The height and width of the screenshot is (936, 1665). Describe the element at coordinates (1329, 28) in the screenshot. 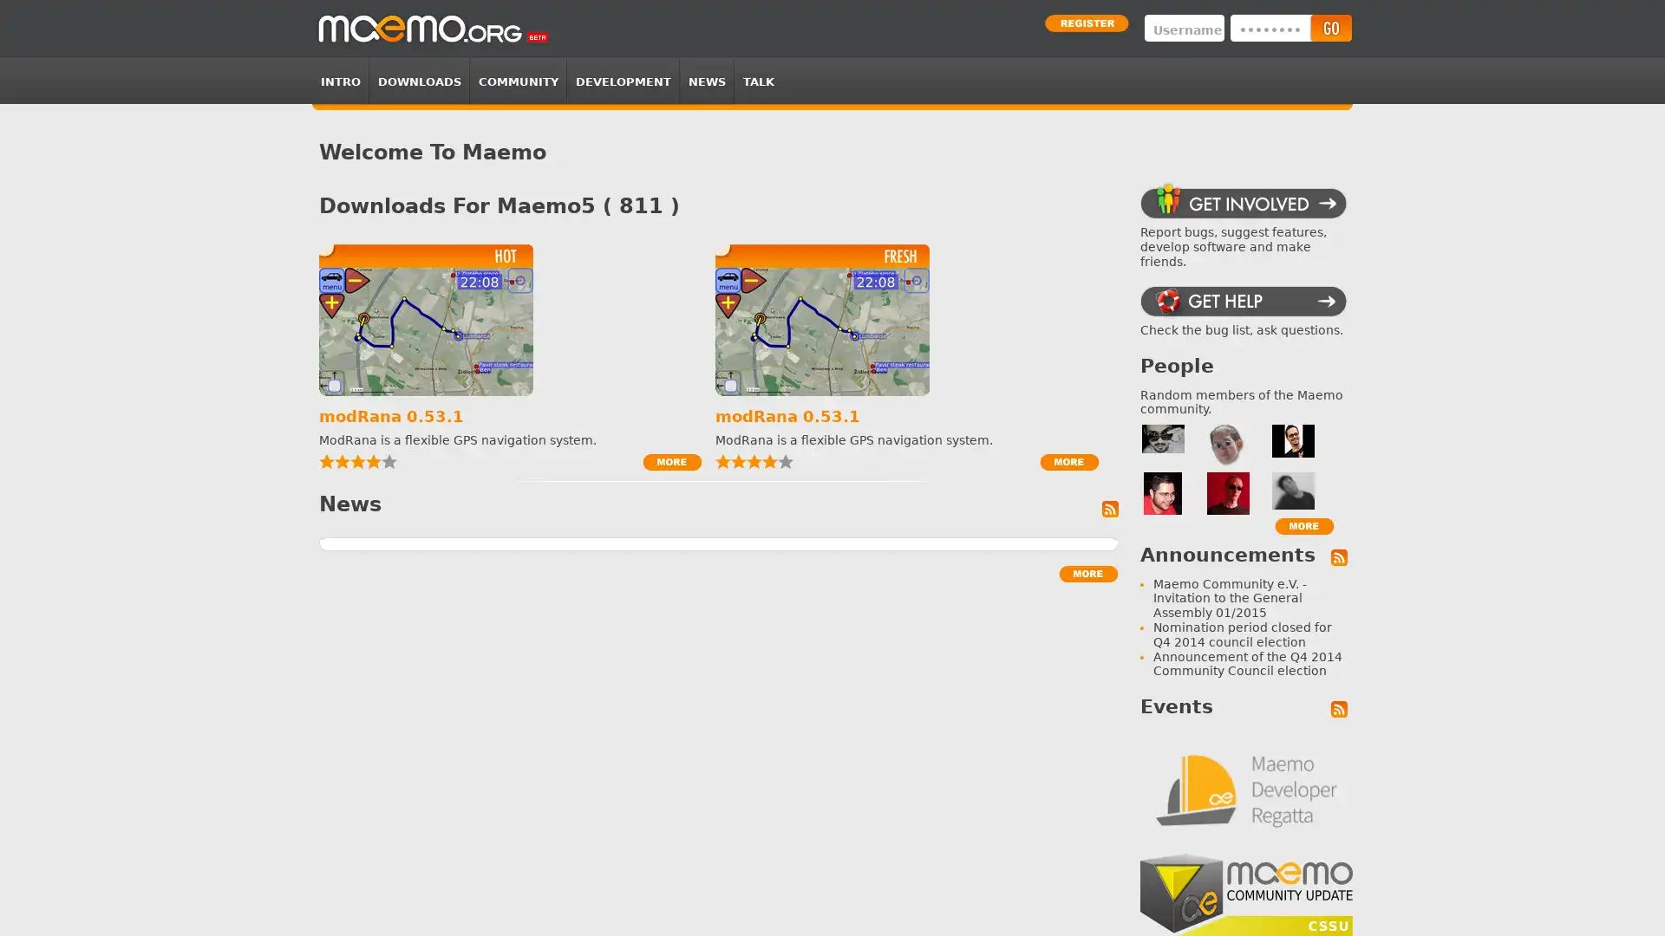

I see `Login` at that location.